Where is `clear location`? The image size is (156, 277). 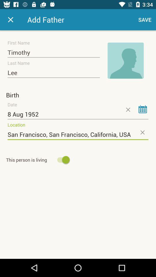
clear location is located at coordinates (142, 132).